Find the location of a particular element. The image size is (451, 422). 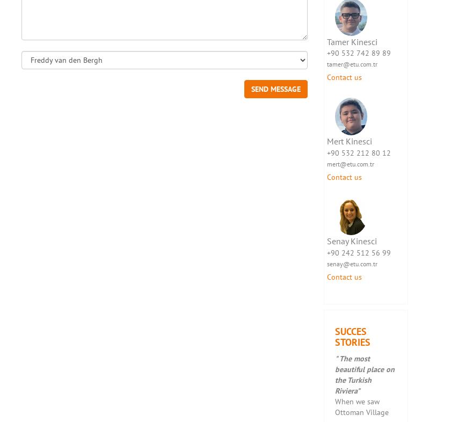

'+90 242 512 56 99' is located at coordinates (358, 252).